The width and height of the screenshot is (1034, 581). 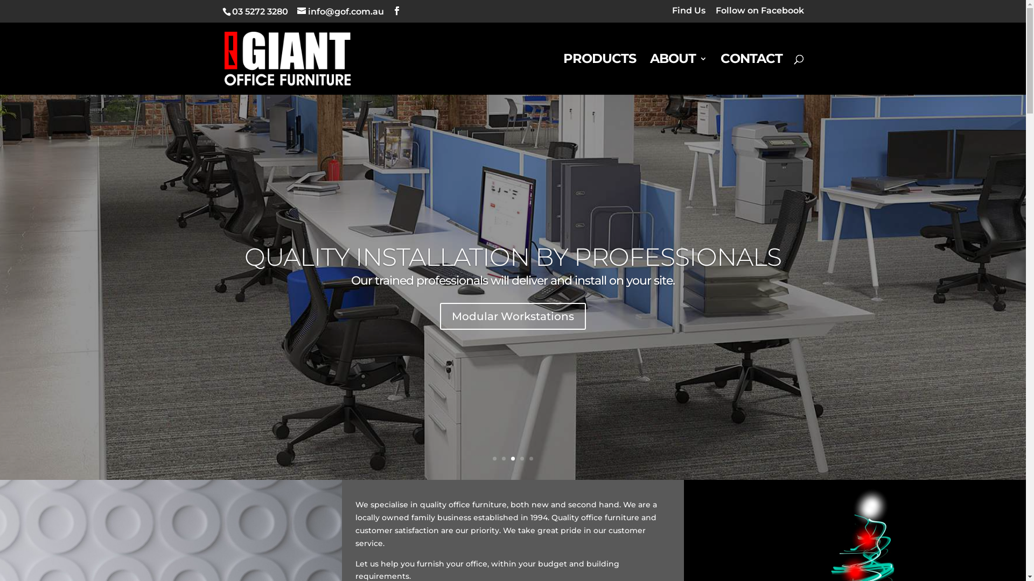 What do you see at coordinates (522, 458) in the screenshot?
I see `'4'` at bounding box center [522, 458].